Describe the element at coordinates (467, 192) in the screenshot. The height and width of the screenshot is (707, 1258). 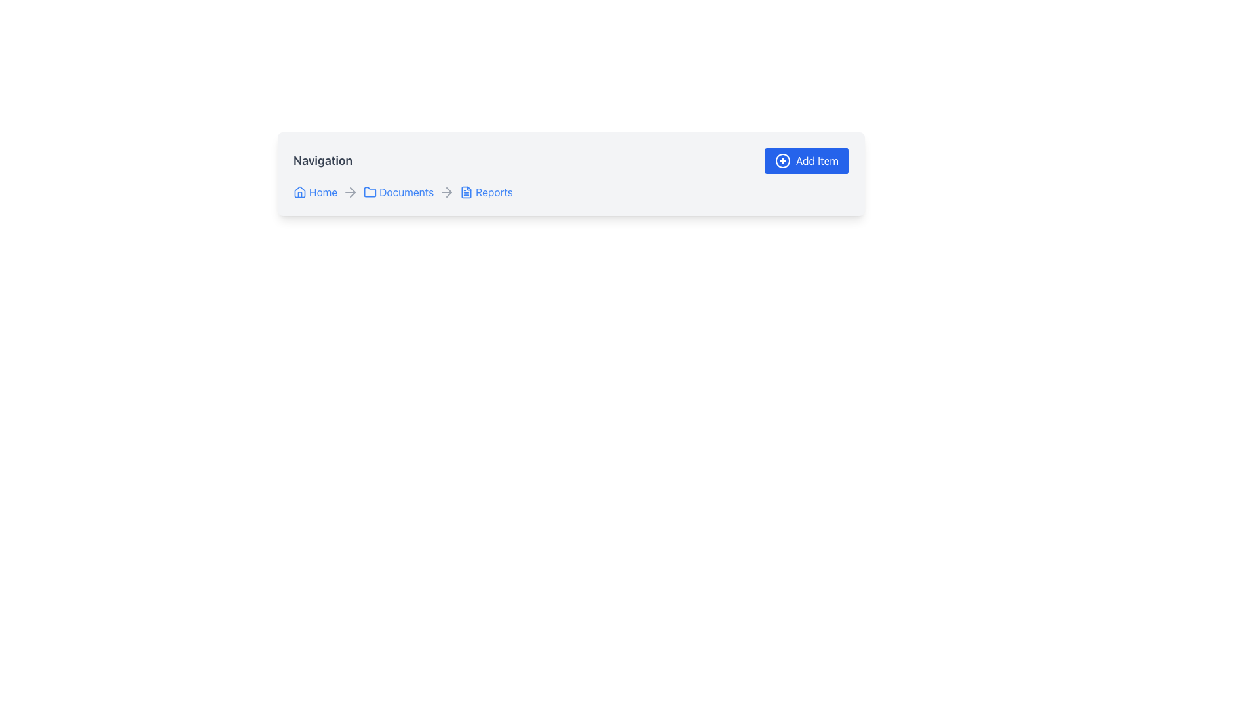
I see `the third rectangular icon in the breadcrumb navigation bar, which resembles a document or file with a fold in the upper-right corner` at that location.